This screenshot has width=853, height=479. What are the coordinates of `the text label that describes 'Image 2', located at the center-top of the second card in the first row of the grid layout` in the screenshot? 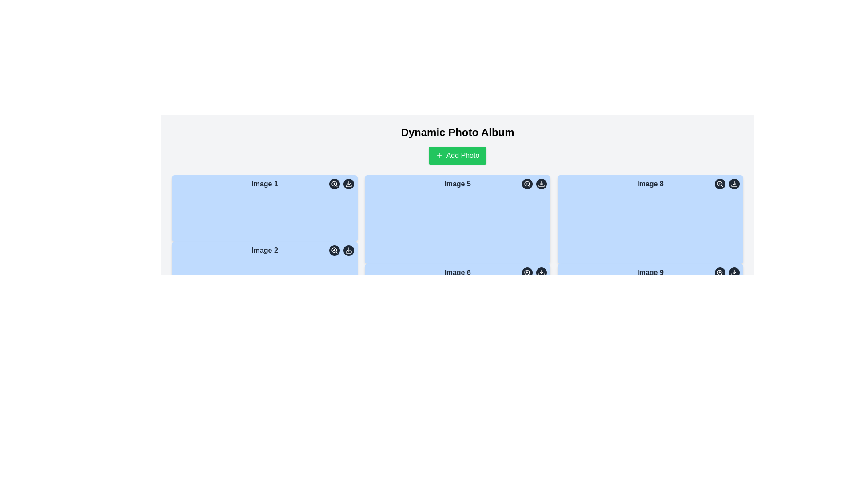 It's located at (264, 250).